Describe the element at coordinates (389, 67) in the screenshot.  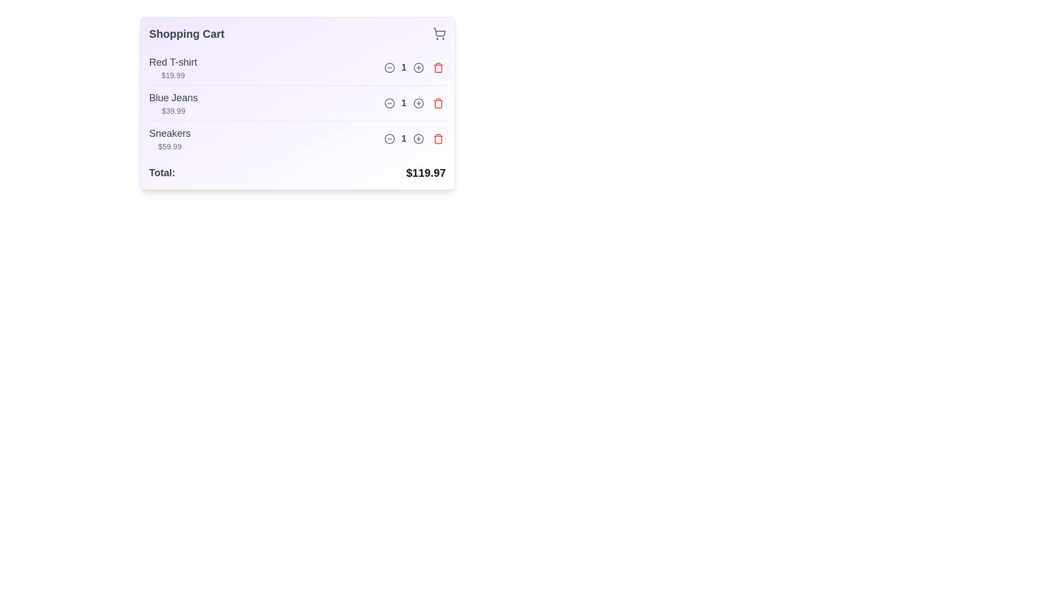
I see `the circular gray decrement button with a minus symbol (-) located to the left of the numeral '1' for 'Red T-shirt' in the shopping cart` at that location.